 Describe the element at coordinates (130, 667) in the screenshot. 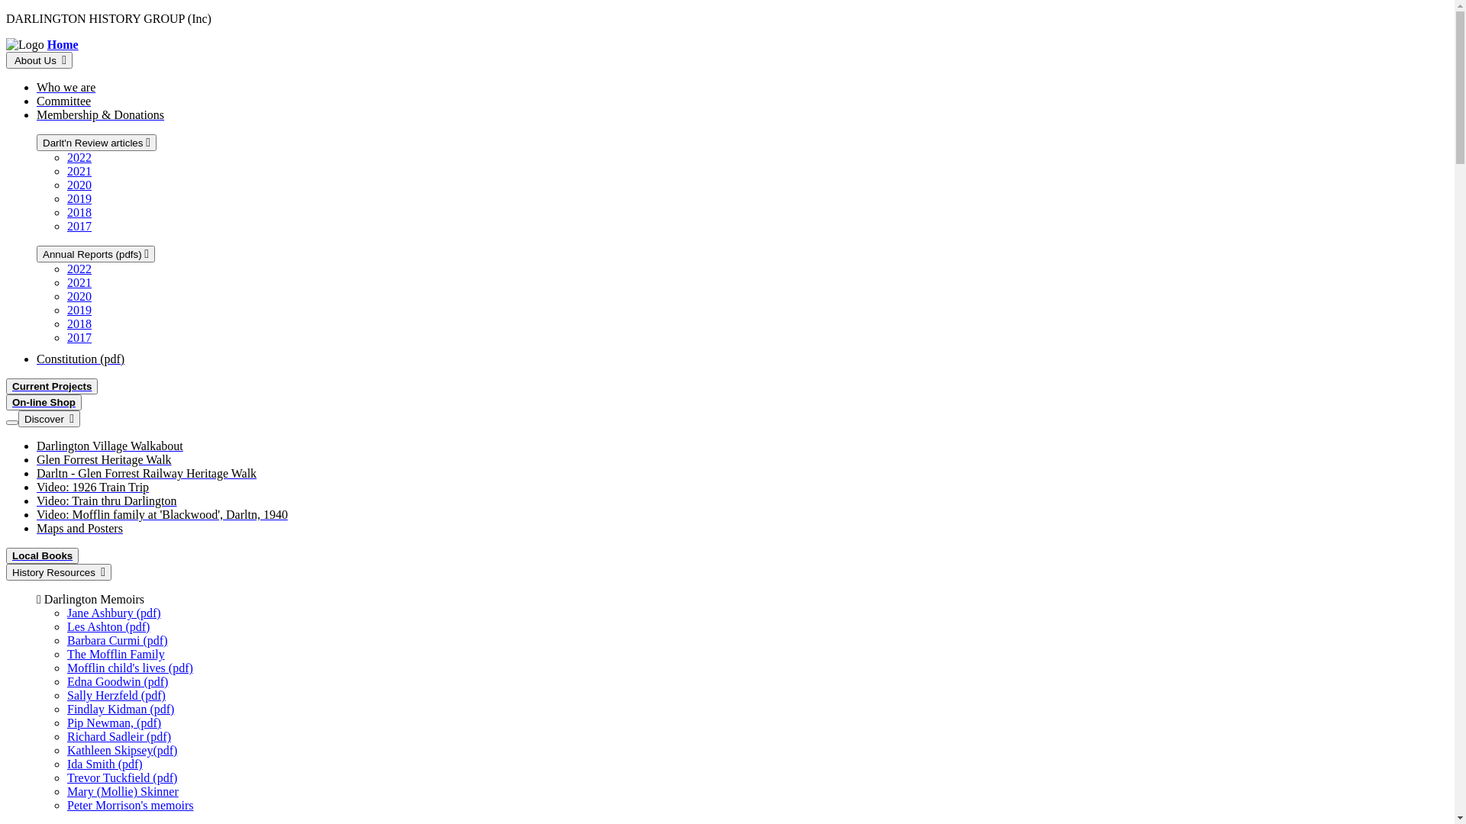

I see `'Mofflin child's lives (pdf)'` at that location.